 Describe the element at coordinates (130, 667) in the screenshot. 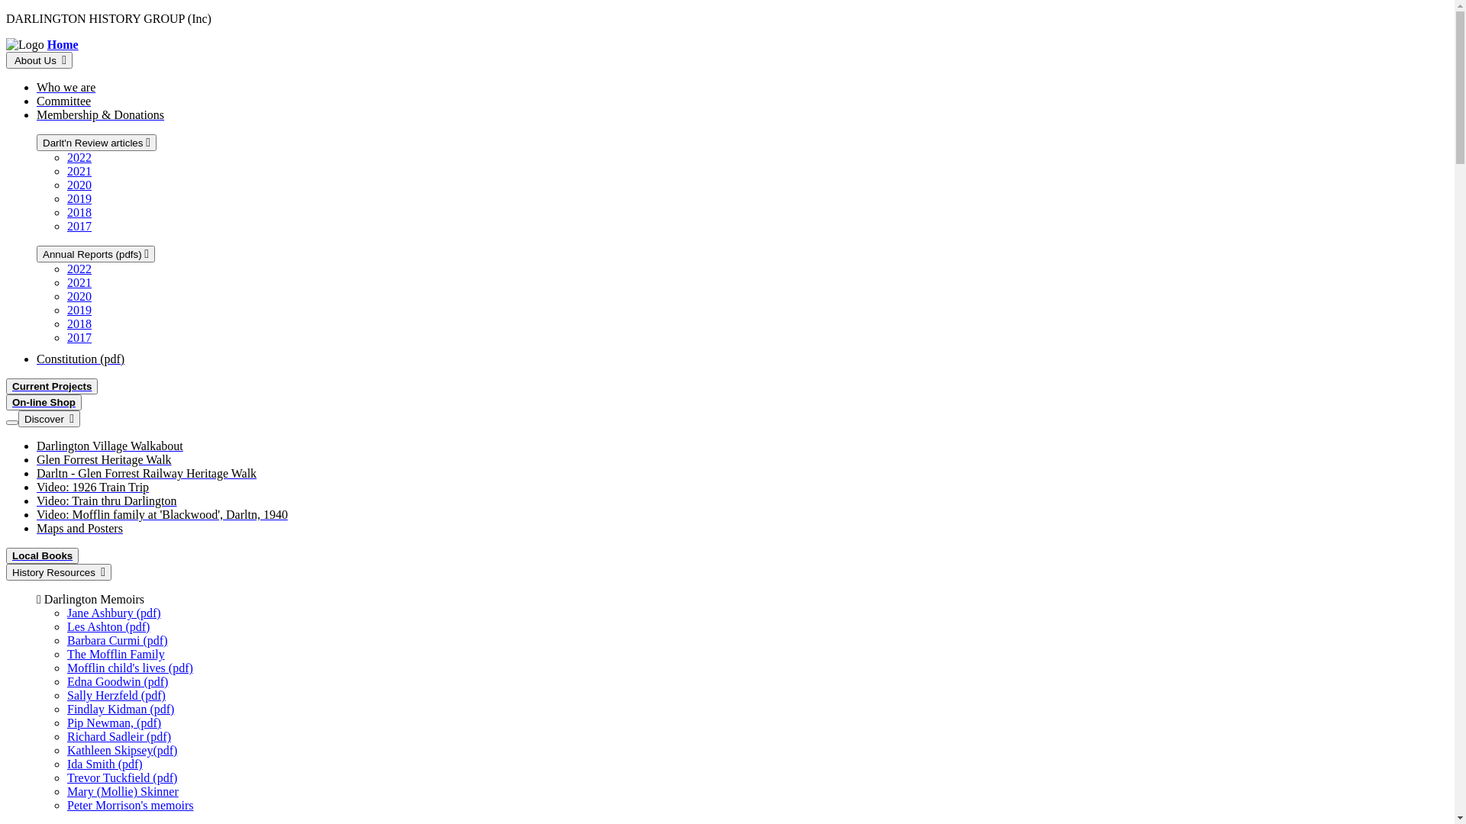

I see `'Mofflin child's lives (pdf)'` at that location.